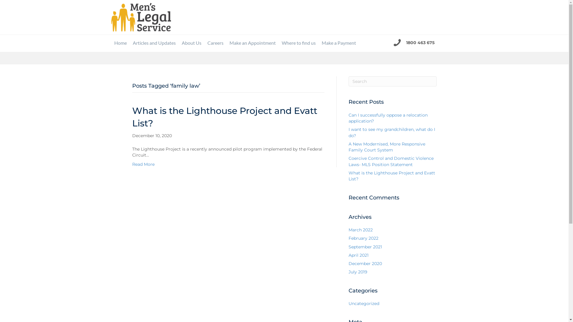 The image size is (573, 322). What do you see at coordinates (278, 42) in the screenshot?
I see `'Where to find us'` at bounding box center [278, 42].